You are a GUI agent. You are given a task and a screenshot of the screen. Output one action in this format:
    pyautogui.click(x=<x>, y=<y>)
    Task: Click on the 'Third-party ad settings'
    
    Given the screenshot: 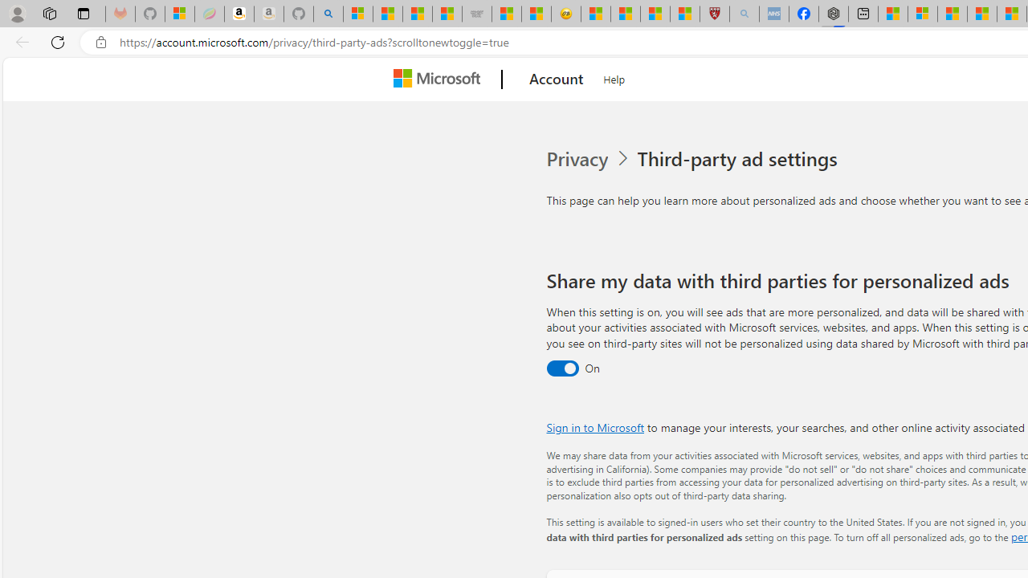 What is the action you would take?
    pyautogui.click(x=740, y=159)
    